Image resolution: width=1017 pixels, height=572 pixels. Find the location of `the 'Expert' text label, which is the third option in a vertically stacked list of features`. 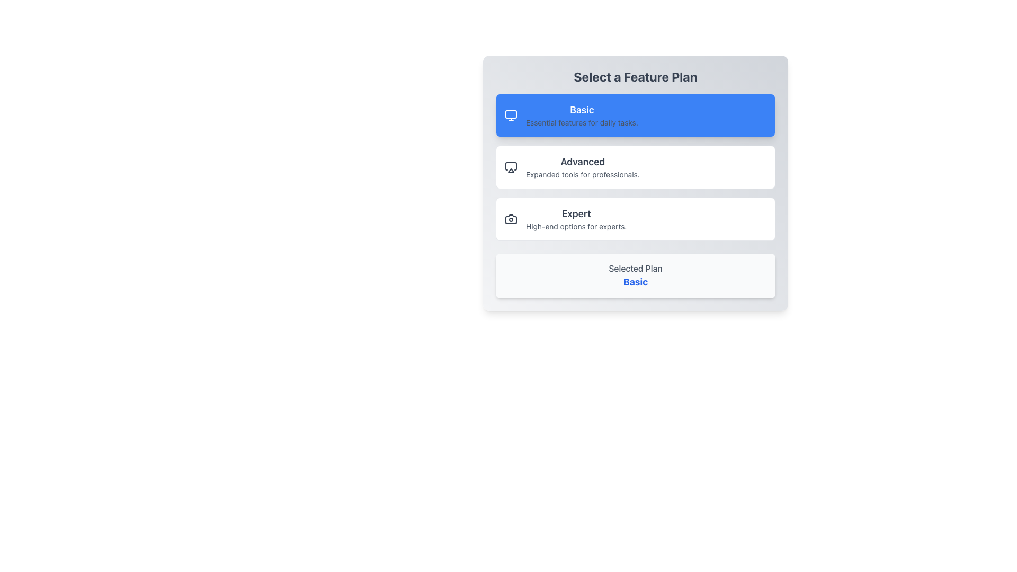

the 'Expert' text label, which is the third option in a vertically stacked list of features is located at coordinates (576, 218).